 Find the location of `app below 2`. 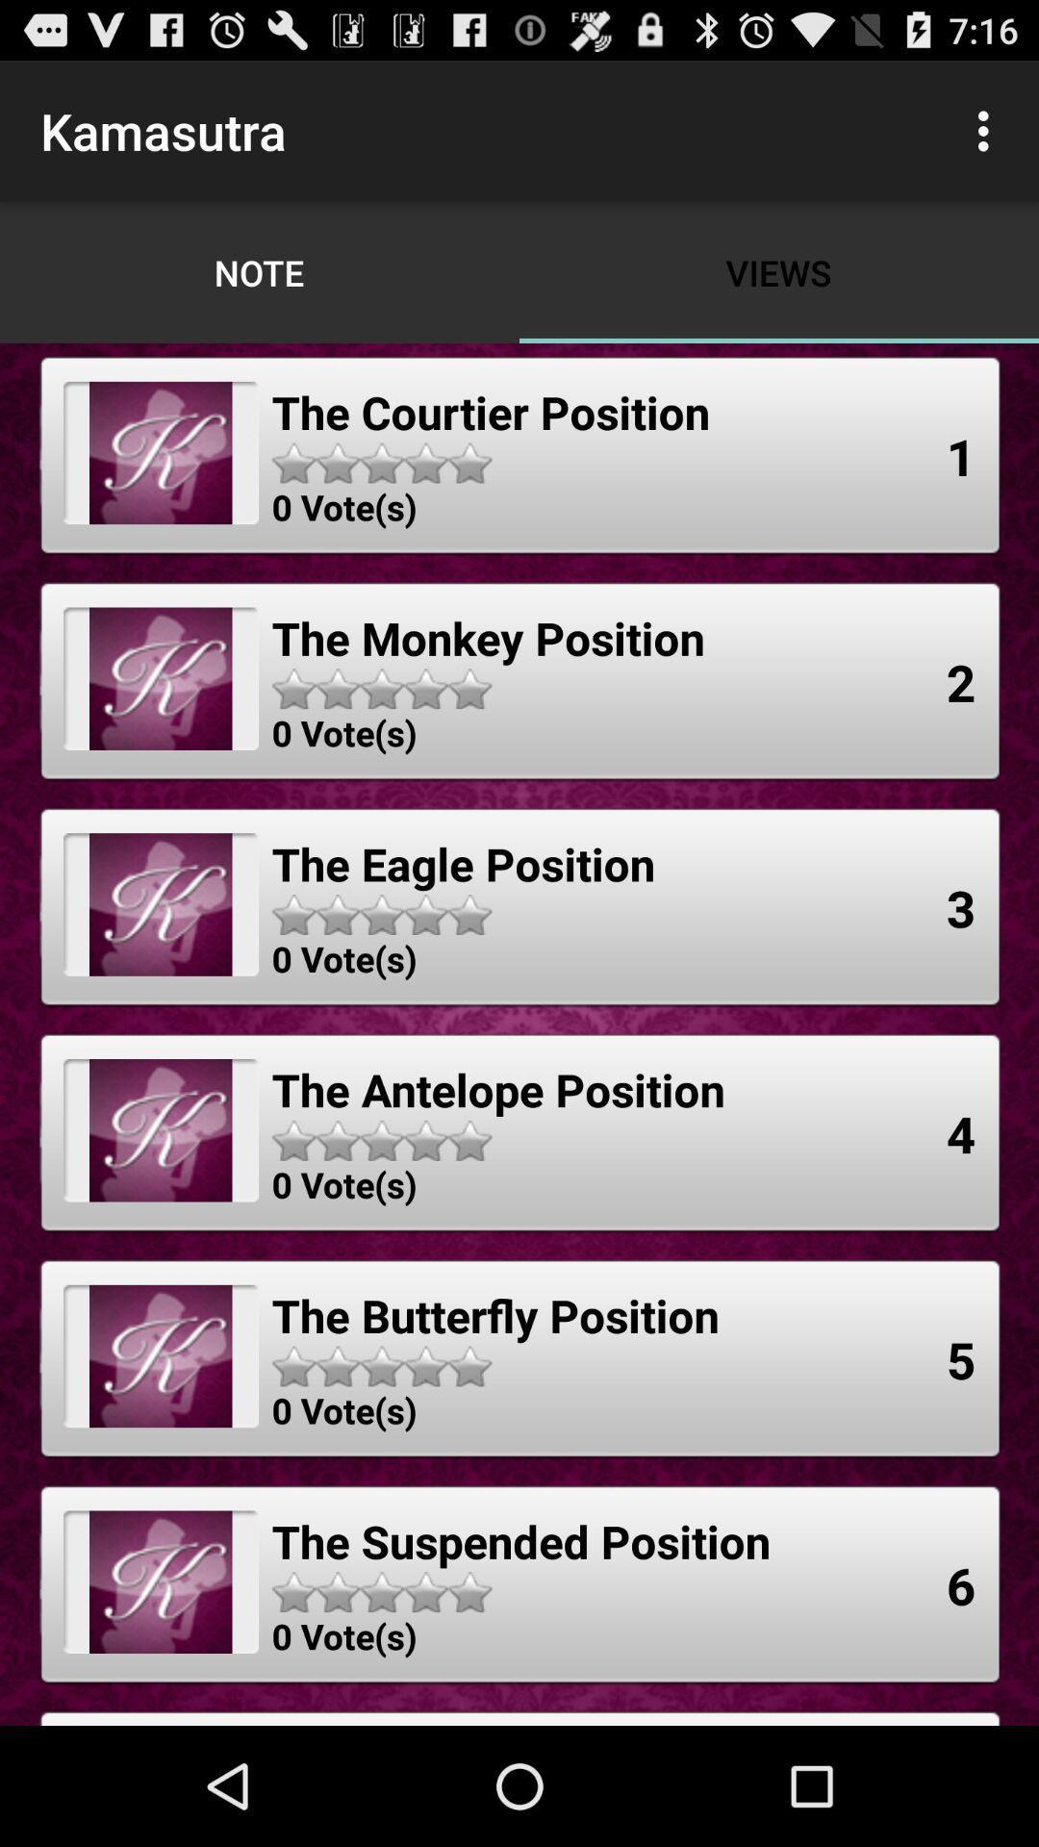

app below 2 is located at coordinates (961, 906).